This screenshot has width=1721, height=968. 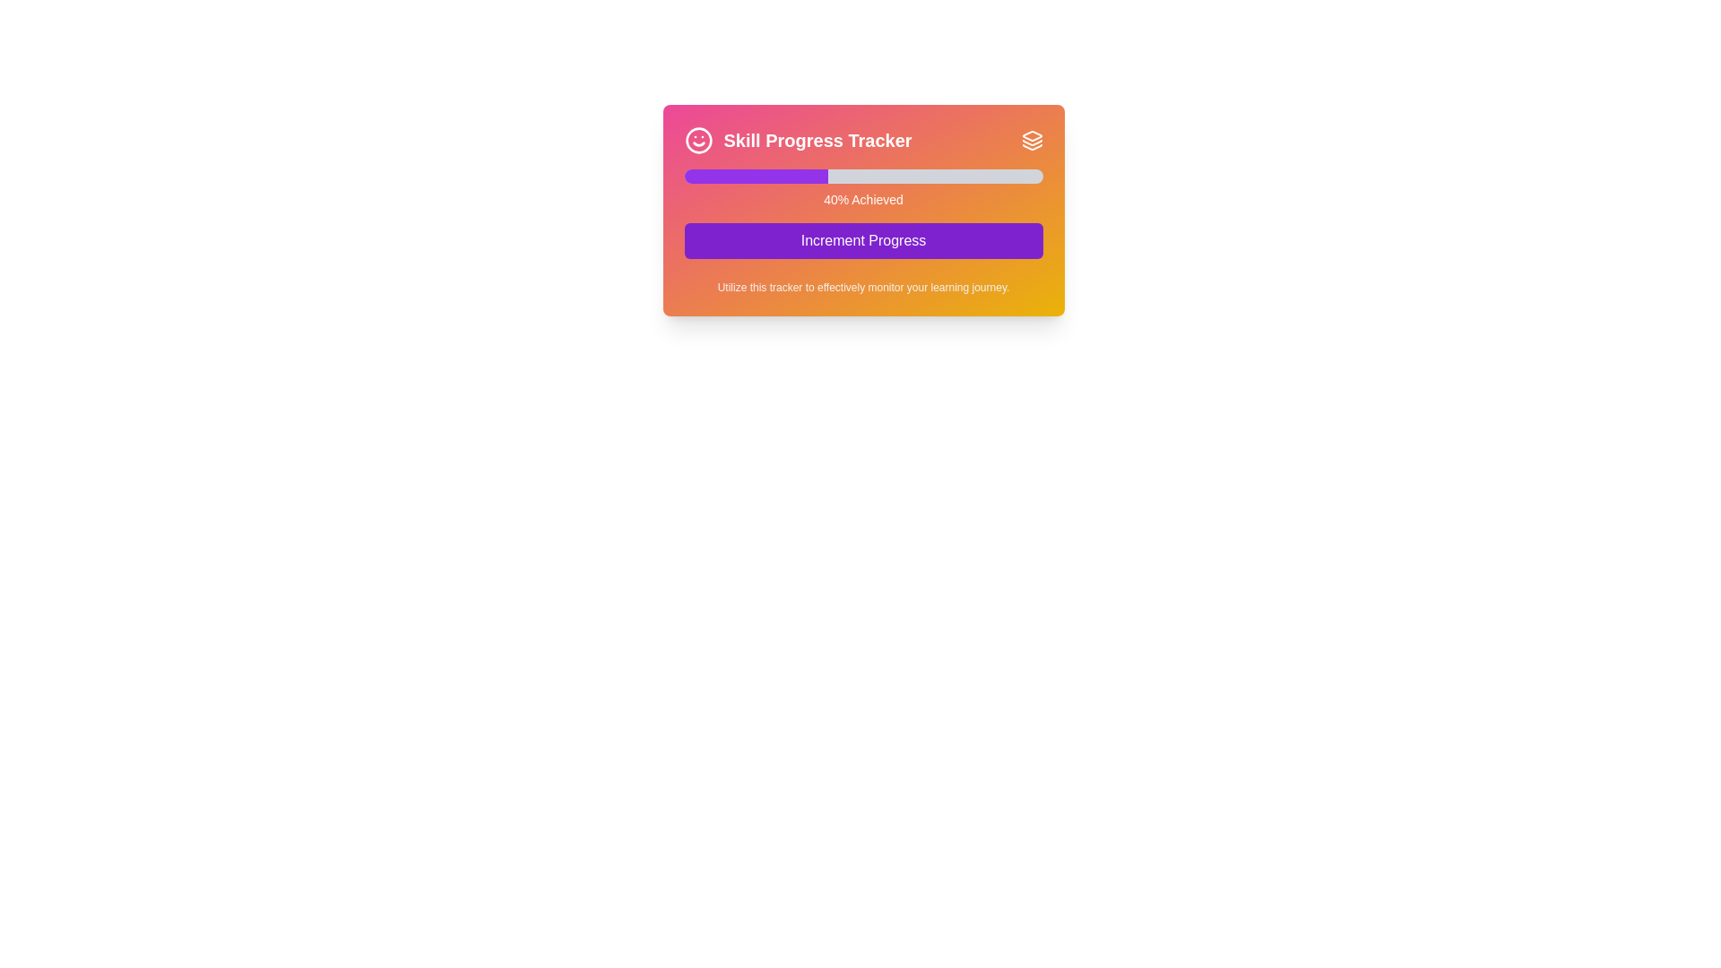 I want to click on the static text label that reads 'Utilize this tracker to effectively monitor your learning journey.' which is styled in a small gray font at the bottom of the card, so click(x=863, y=286).